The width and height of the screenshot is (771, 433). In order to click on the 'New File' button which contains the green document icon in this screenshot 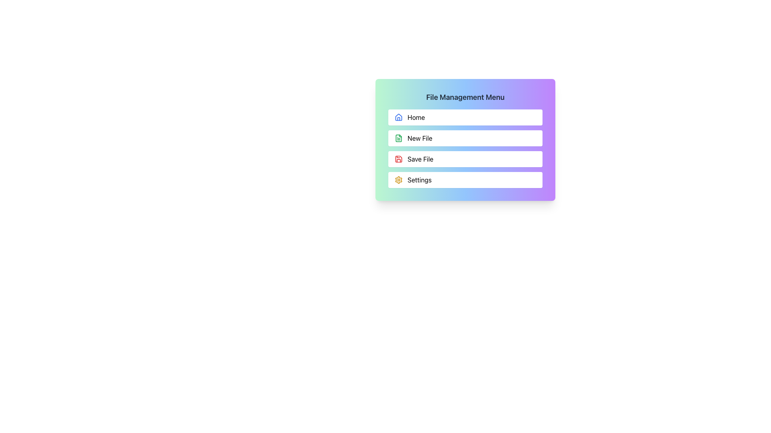, I will do `click(399, 138)`.